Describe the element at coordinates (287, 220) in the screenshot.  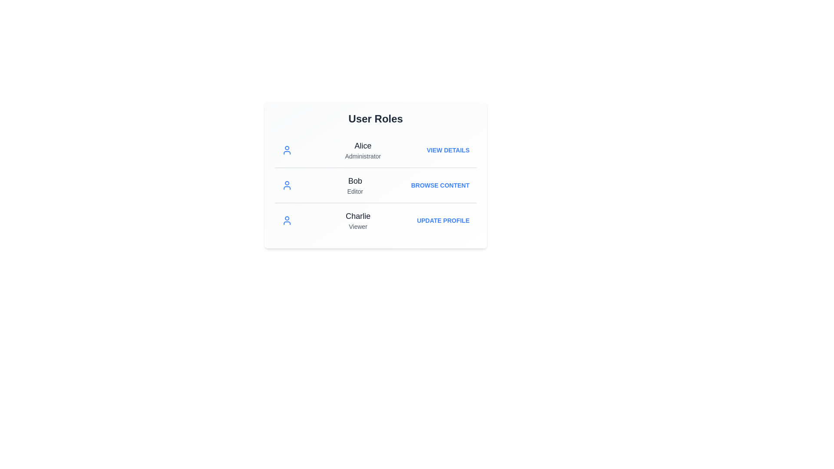
I see `the user profile icon representing 'Charlie' in the 'Charlie Viewer Update Profile' card, located at the leftmost position of the group` at that location.